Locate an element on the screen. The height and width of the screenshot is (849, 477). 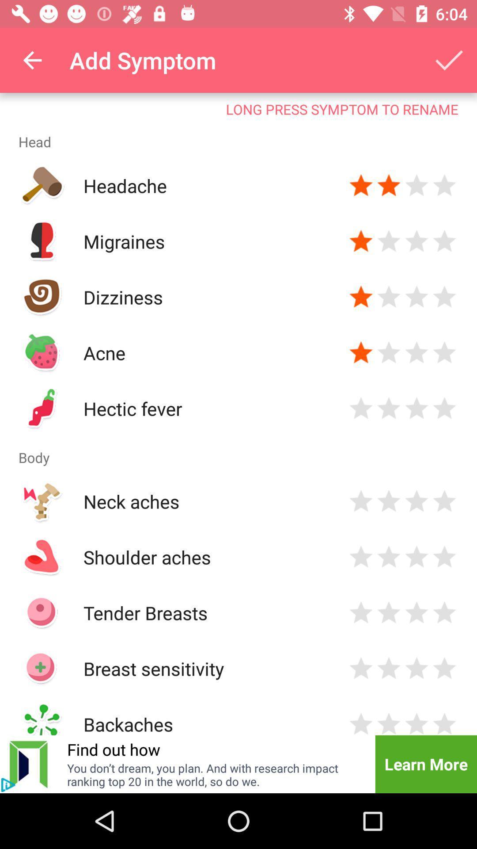
rate 3 is located at coordinates (416, 556).